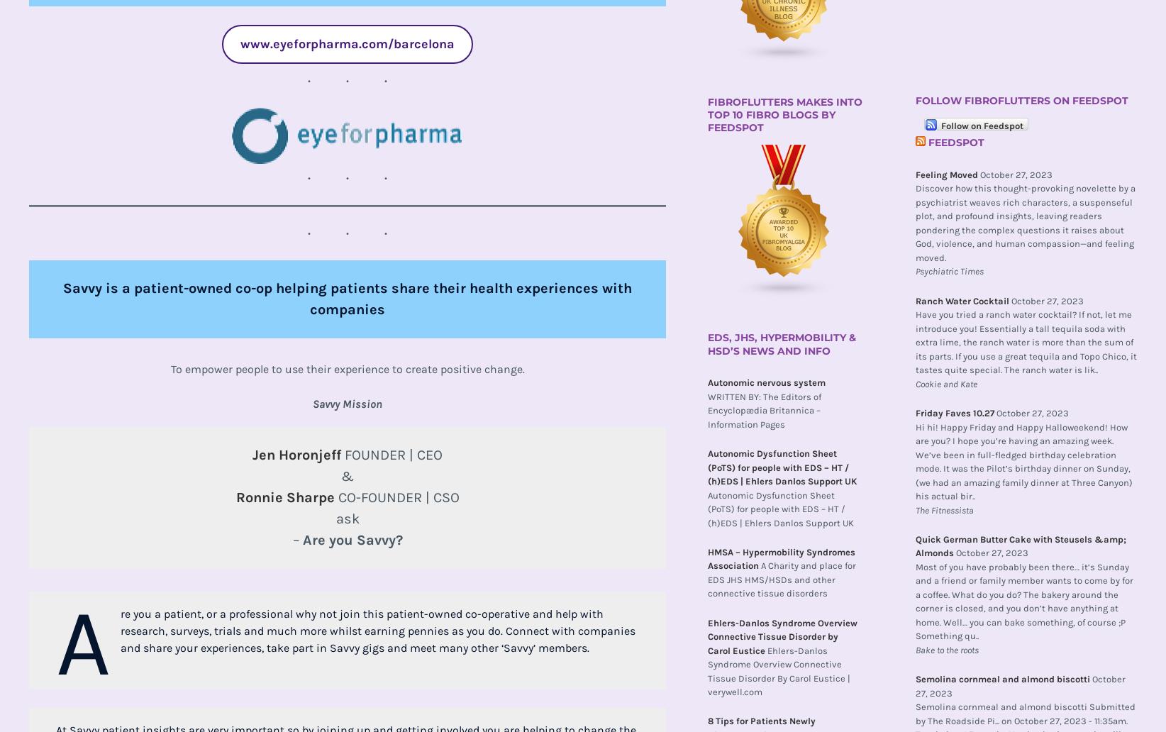 This screenshot has height=732, width=1166. Describe the element at coordinates (1025, 223) in the screenshot. I see `'Discover how this thought-provoking novelette by a psychiatrist weaves rich characters, a suspenseful plot, and profound insights, leaving readers pondering the complex questions it raises about God, violence, and human compassion—and feeling moved.'` at that location.